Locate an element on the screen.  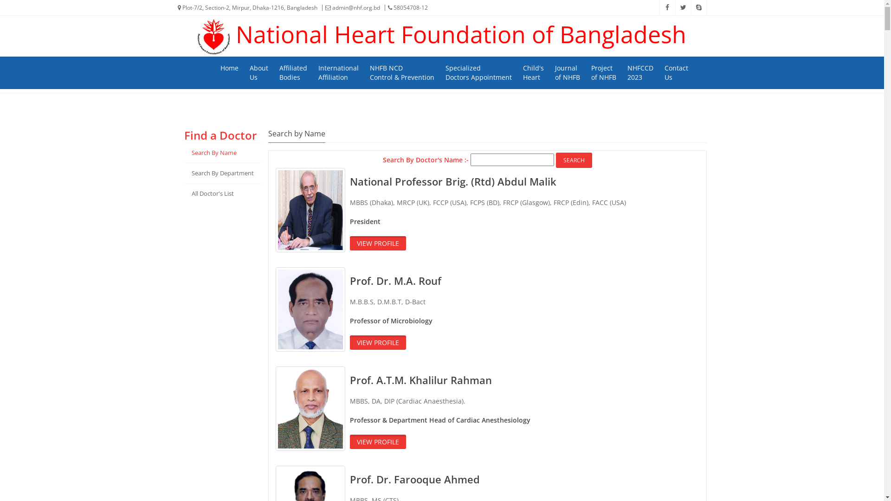
'About is located at coordinates (242, 72).